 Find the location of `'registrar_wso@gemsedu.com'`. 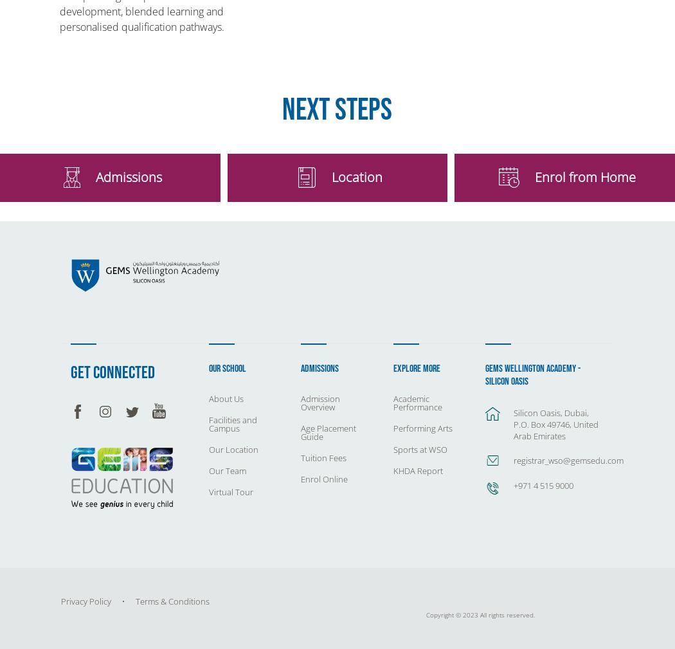

'registrar_wso@gemsedu.com' is located at coordinates (568, 460).